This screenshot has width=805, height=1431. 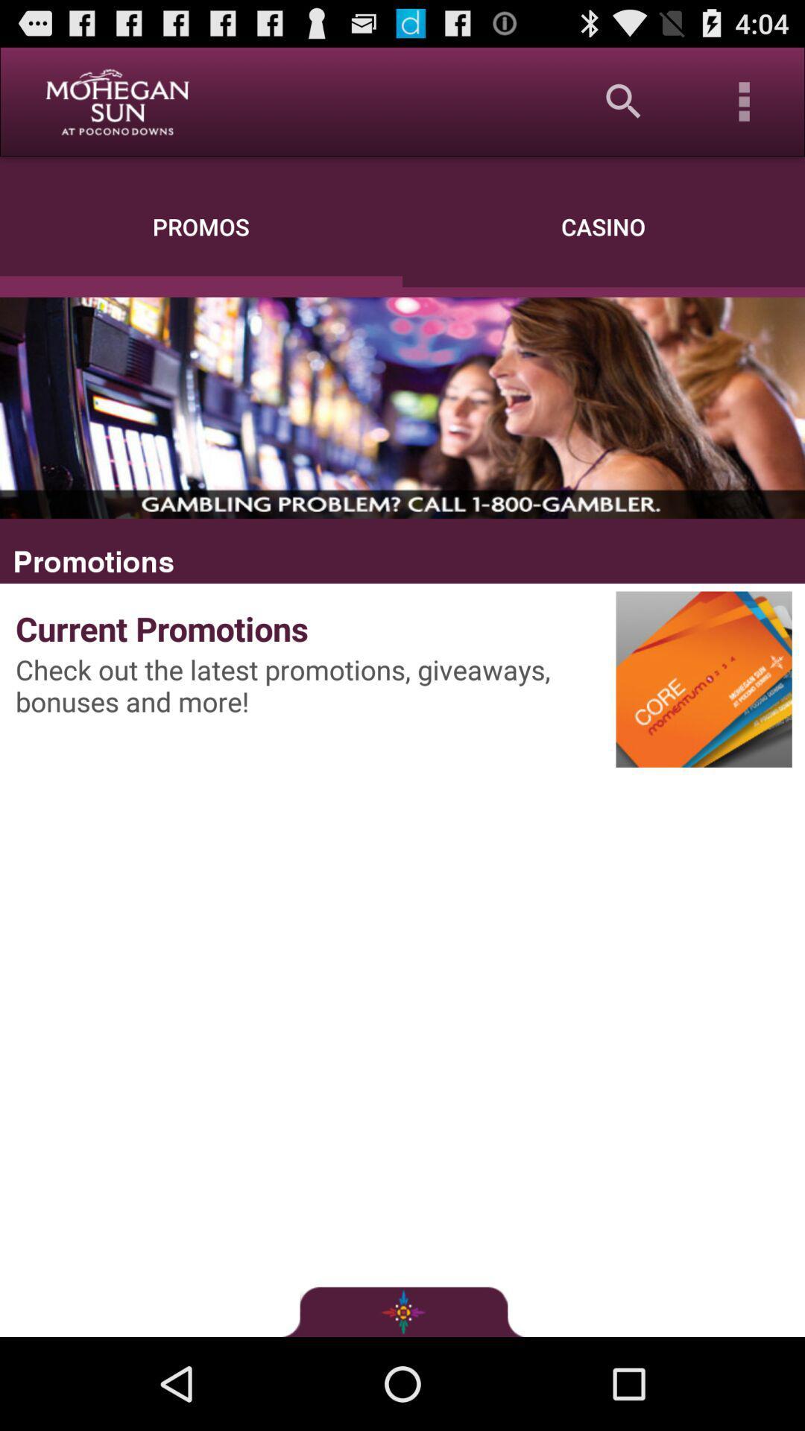 What do you see at coordinates (402, 1310) in the screenshot?
I see `item at the bottom` at bounding box center [402, 1310].